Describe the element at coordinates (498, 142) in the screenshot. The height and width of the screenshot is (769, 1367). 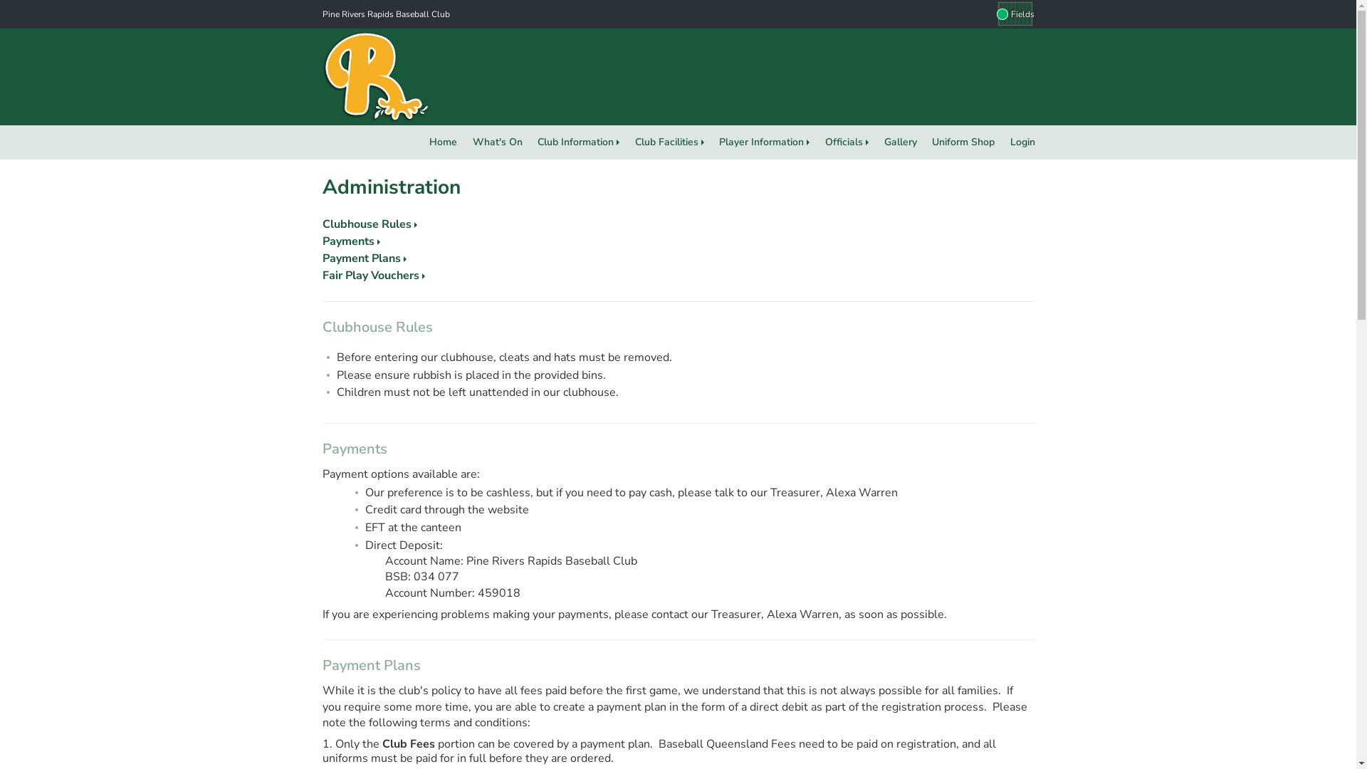
I see `'What's On'` at that location.